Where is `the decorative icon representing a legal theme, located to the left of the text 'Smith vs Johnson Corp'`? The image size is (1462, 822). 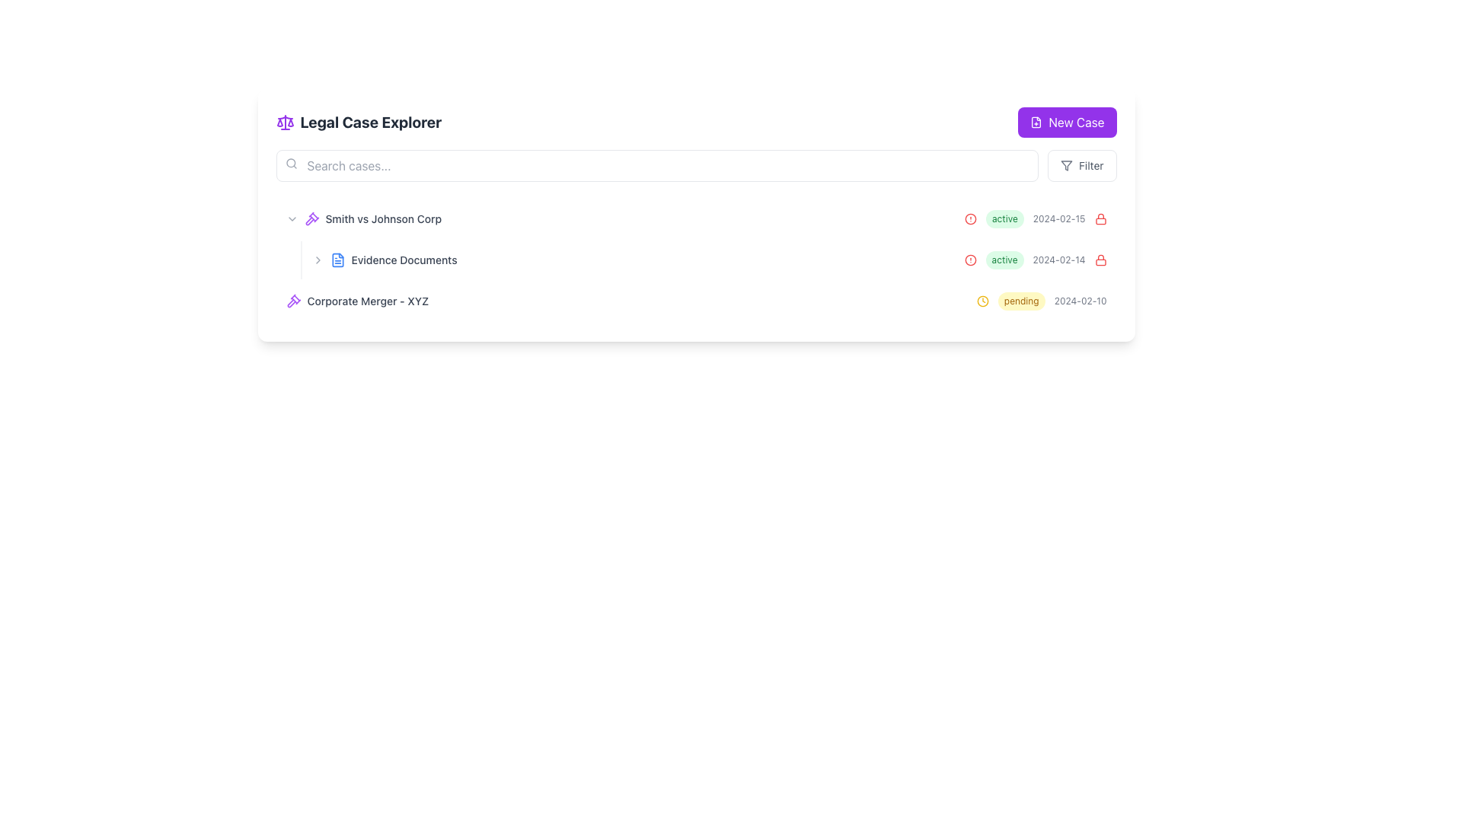
the decorative icon representing a legal theme, located to the left of the text 'Smith vs Johnson Corp' is located at coordinates (311, 219).